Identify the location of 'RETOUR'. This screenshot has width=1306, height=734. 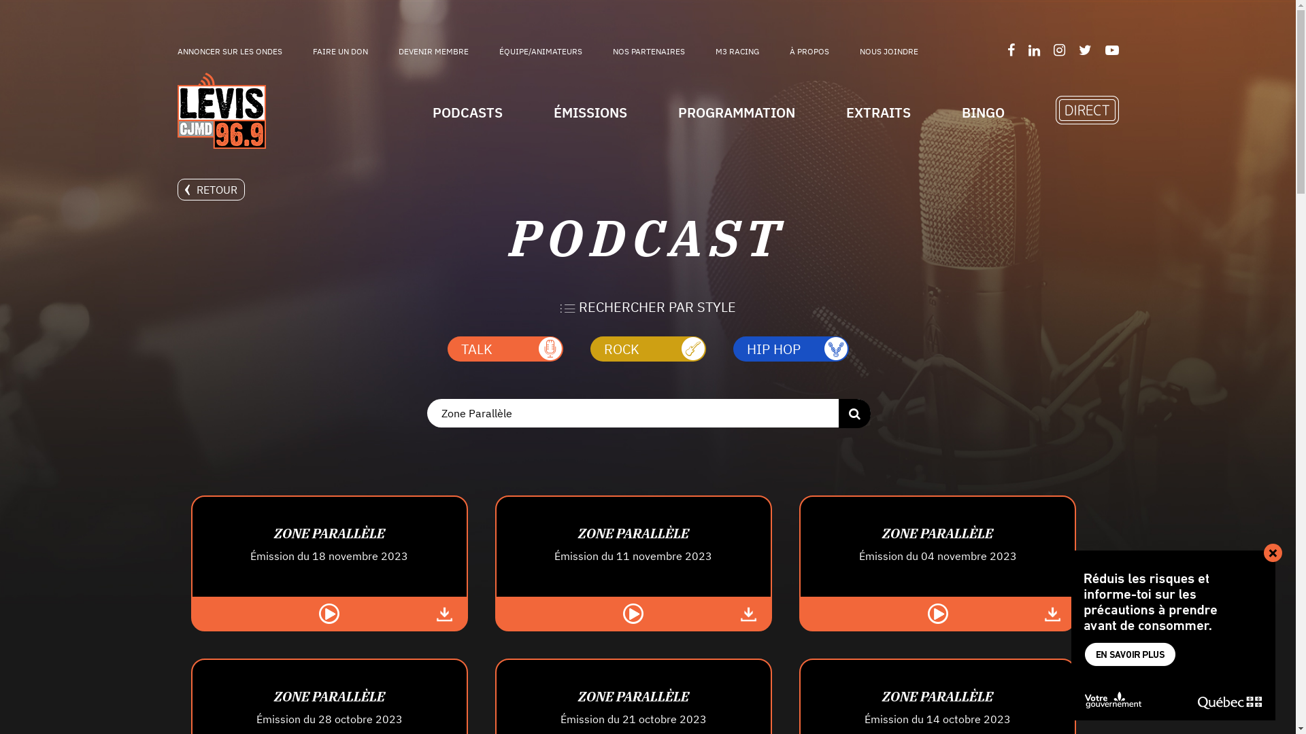
(210, 189).